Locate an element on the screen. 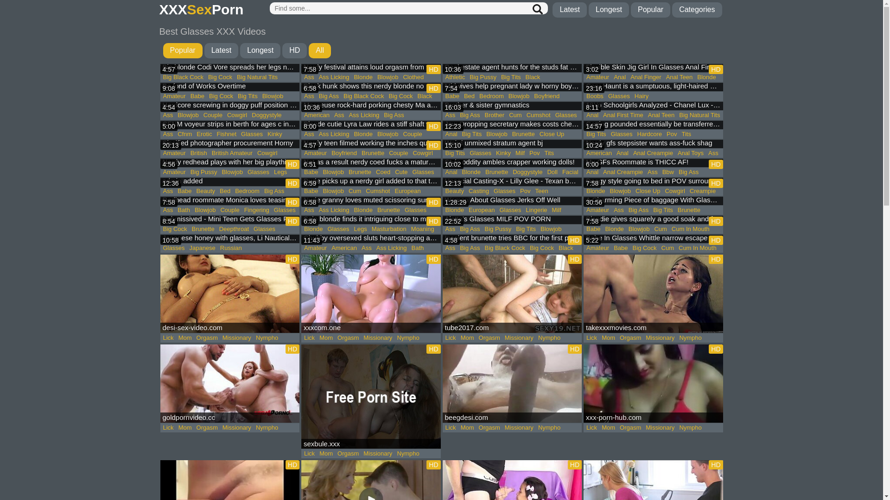 The image size is (890, 500). 'Midwives help pregnant lady w horny boyfriend! is located at coordinates (511, 87).